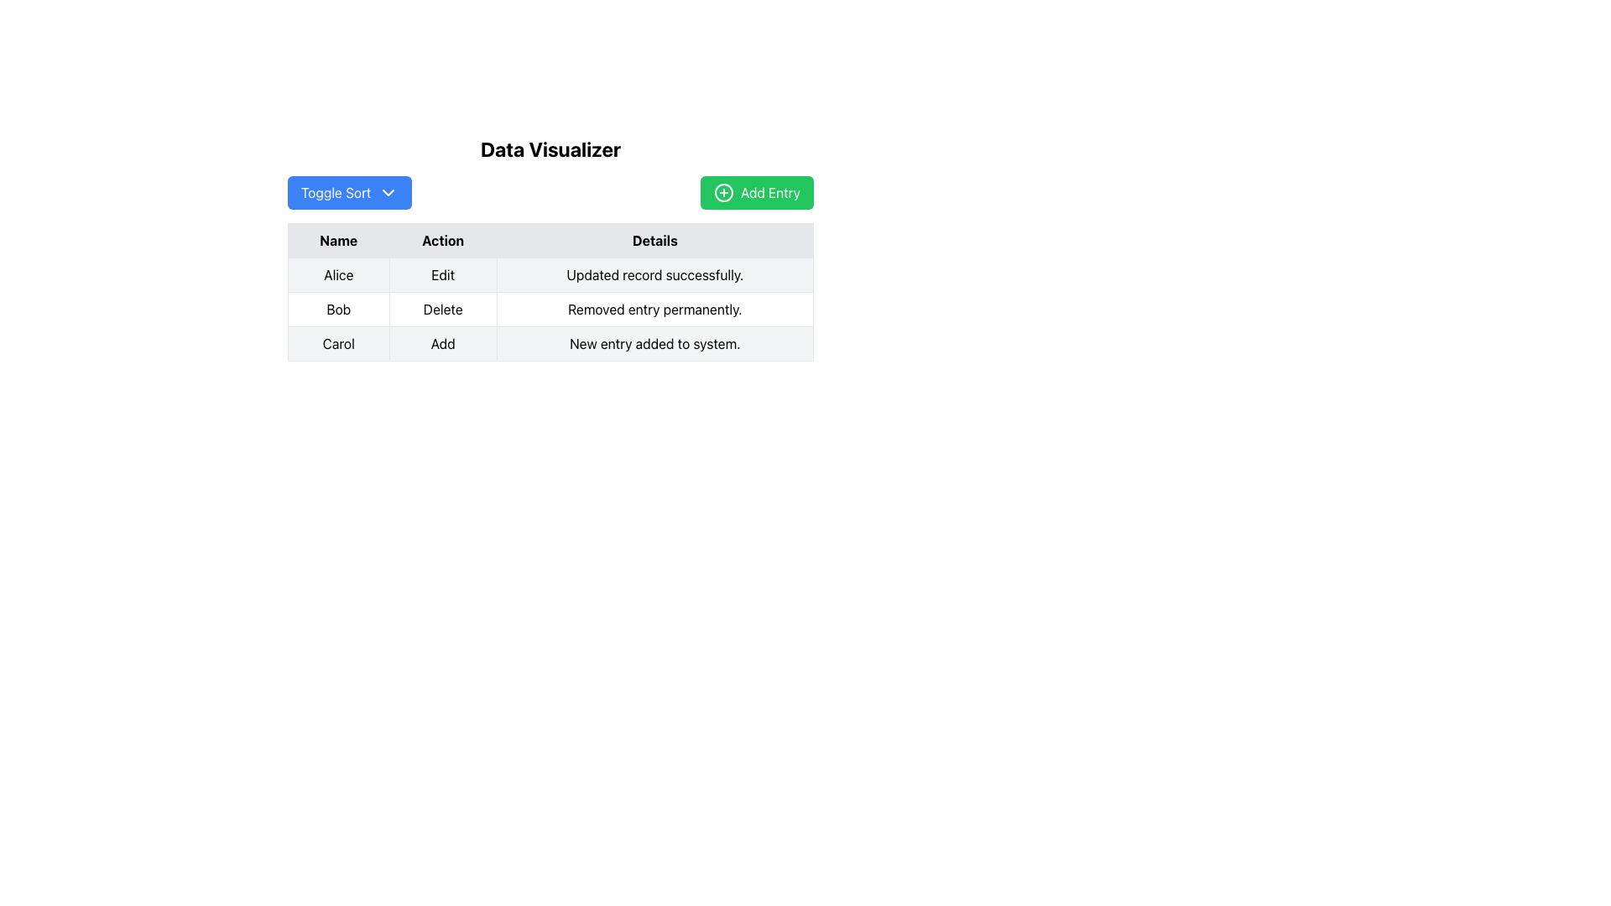  I want to click on the action button in the 'Action' column of the data table for the row labeled 'Carol', so click(443, 342).